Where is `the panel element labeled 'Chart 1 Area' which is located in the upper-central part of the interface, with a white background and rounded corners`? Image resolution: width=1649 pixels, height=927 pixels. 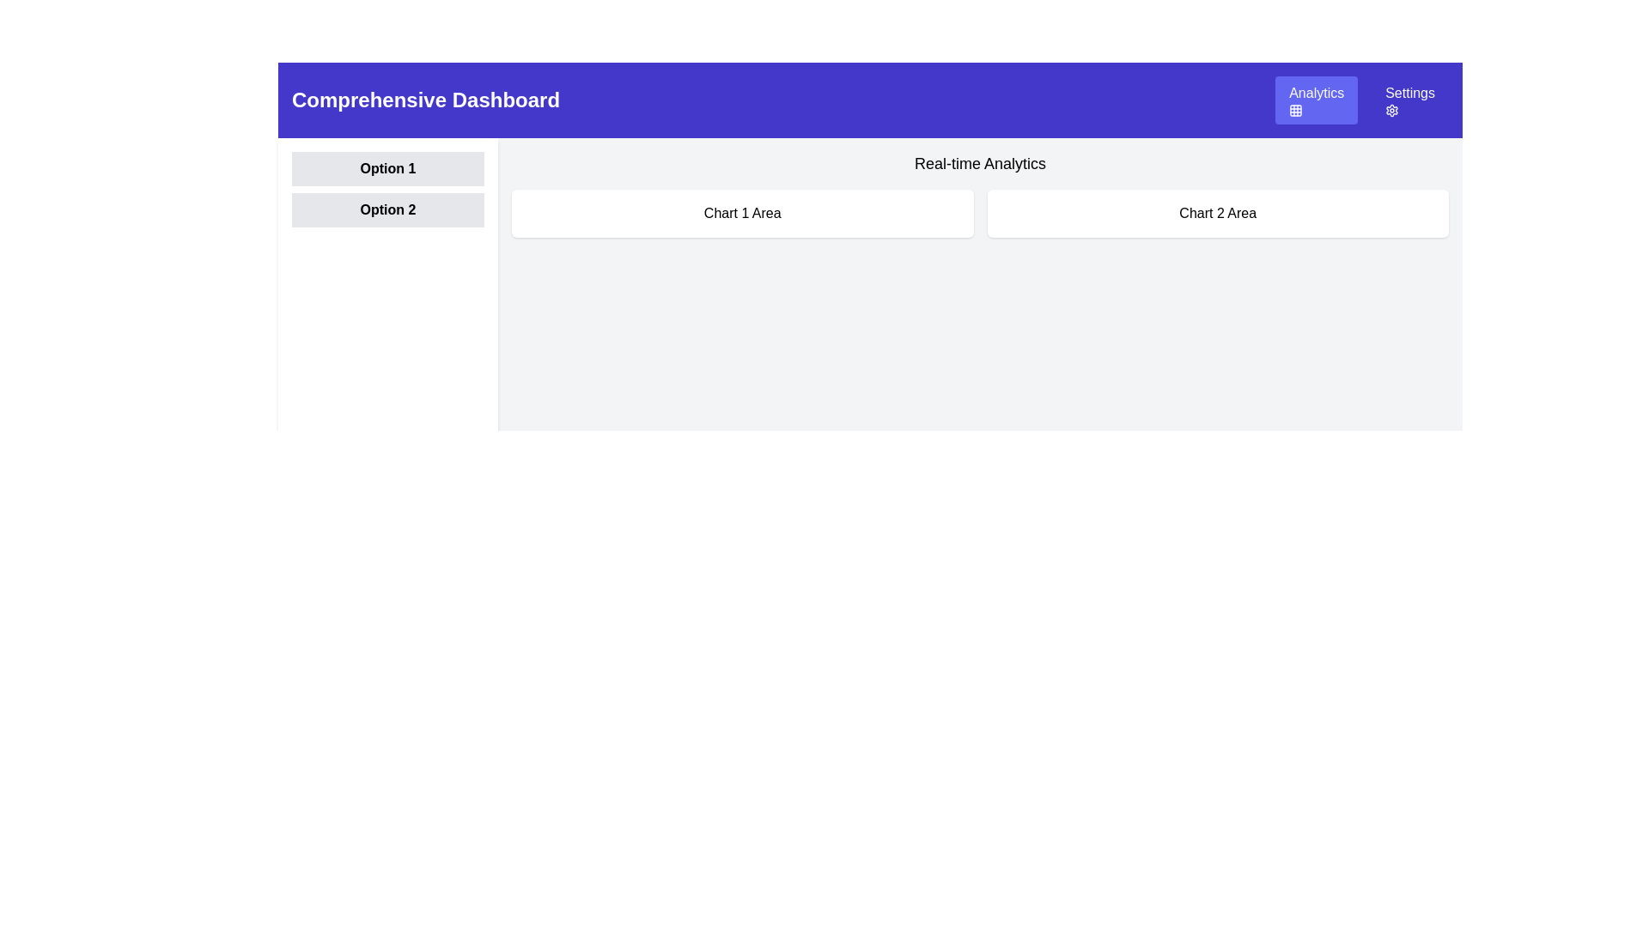
the panel element labeled 'Chart 1 Area' which is located in the upper-central part of the interface, with a white background and rounded corners is located at coordinates (742, 213).